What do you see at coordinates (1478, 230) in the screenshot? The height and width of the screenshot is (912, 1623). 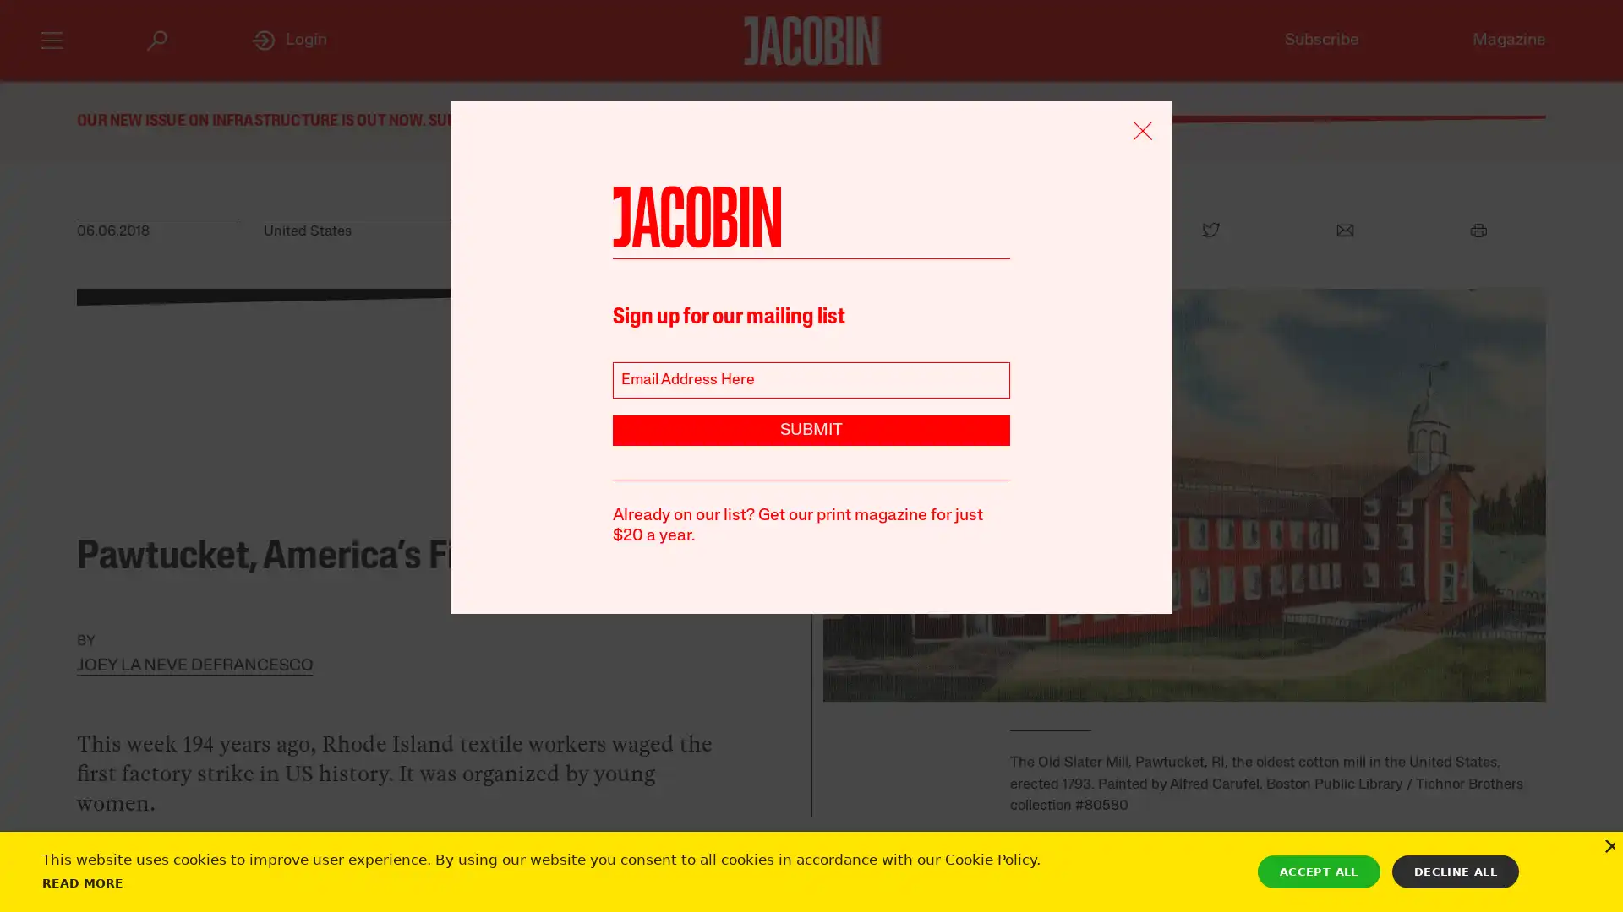 I see `Print Icon` at bounding box center [1478, 230].